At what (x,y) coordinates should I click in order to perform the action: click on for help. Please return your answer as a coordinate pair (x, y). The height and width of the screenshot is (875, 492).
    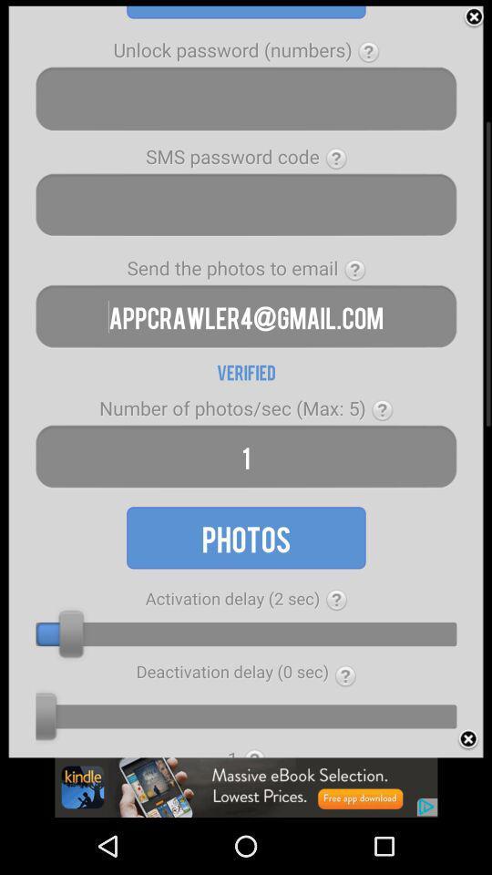
    Looking at the image, I should click on (335, 599).